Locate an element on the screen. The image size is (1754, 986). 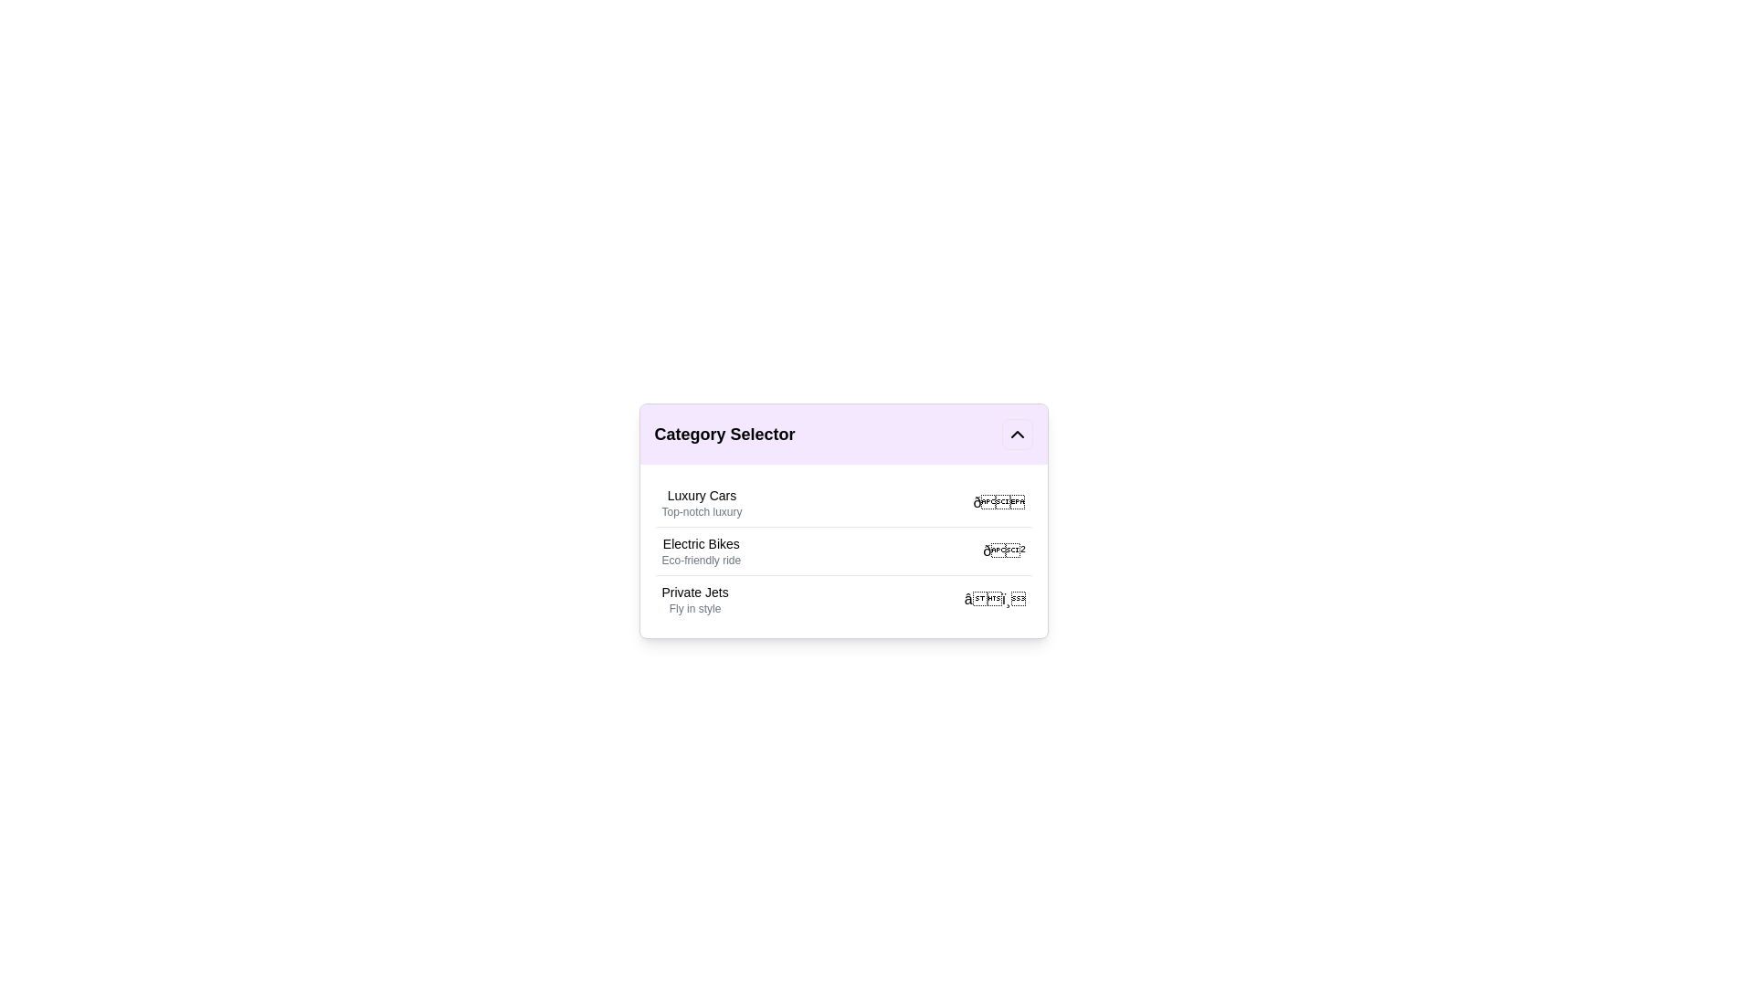
the chevron icon with an upward-pointing arrowhead shape located at the top-right corner of the header in the 'Category Selector' popup card for keyboard navigation is located at coordinates (1016, 434).